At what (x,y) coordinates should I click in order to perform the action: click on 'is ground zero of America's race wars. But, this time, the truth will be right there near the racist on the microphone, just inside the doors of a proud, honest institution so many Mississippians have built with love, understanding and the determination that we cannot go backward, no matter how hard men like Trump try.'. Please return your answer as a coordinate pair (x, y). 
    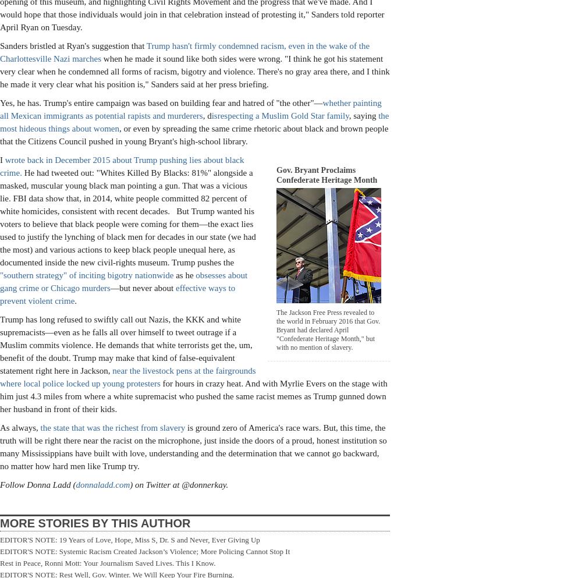
    Looking at the image, I should click on (193, 445).